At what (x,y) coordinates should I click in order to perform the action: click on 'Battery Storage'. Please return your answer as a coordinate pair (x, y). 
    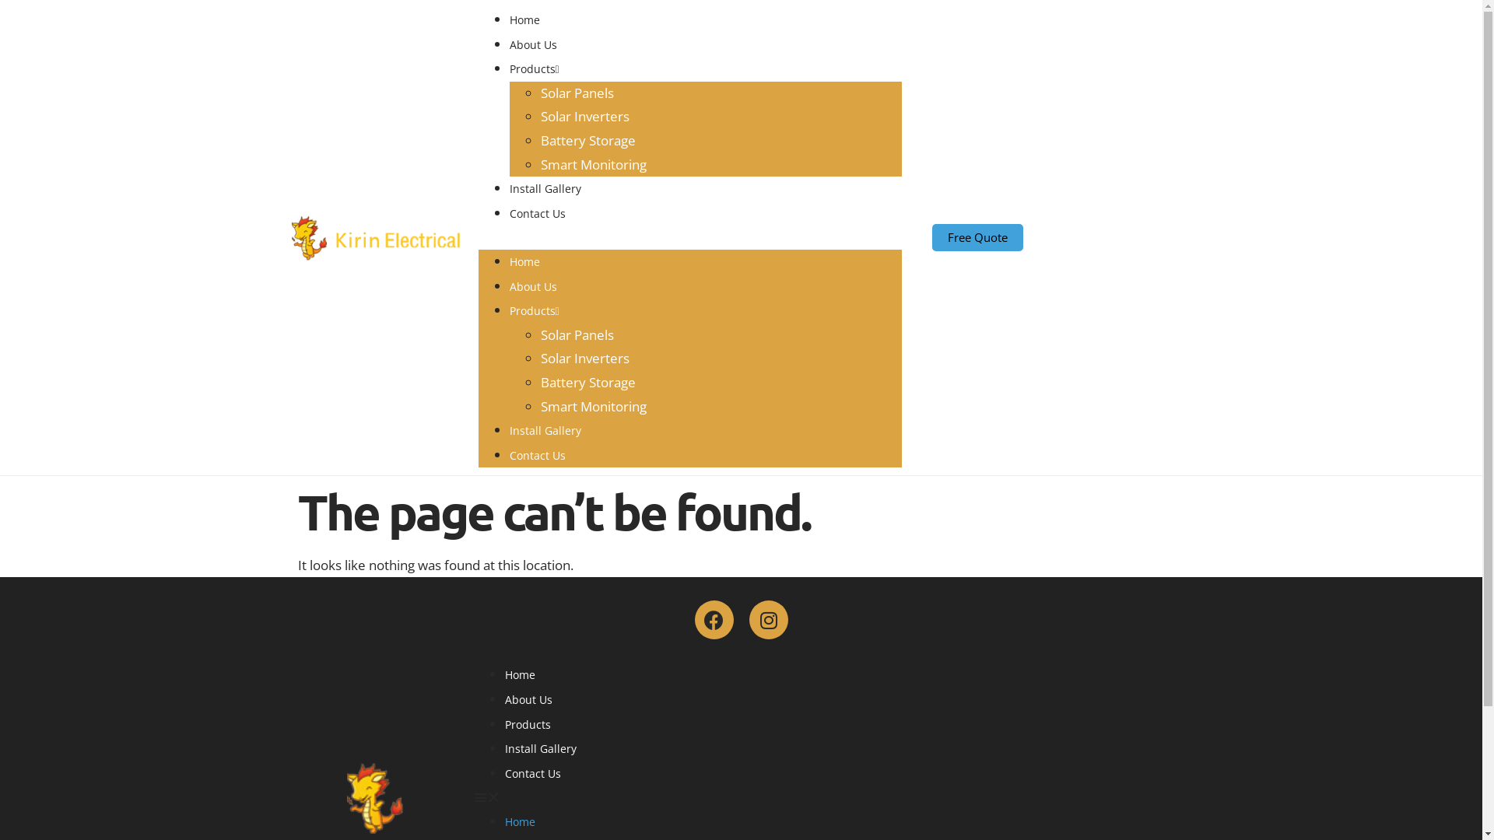
    Looking at the image, I should click on (586, 140).